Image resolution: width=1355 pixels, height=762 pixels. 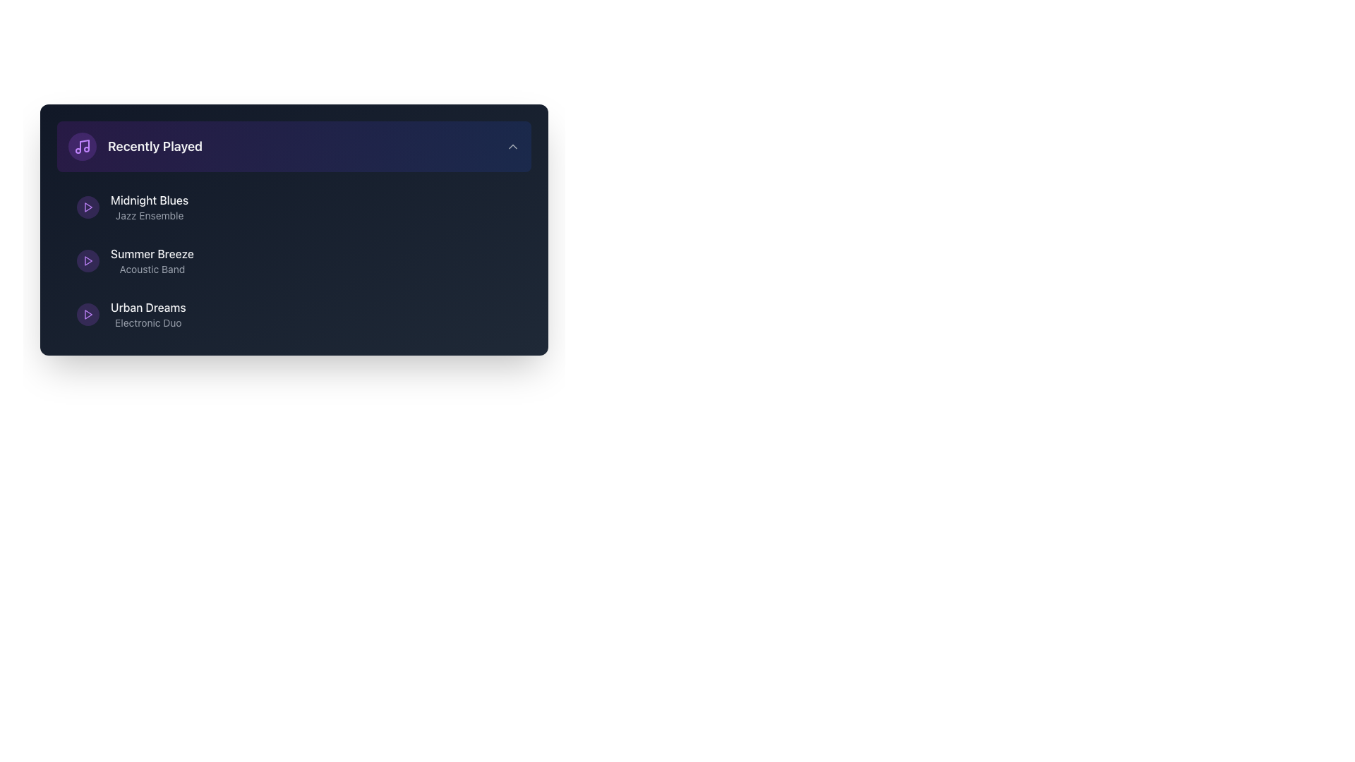 I want to click on the shuffle icon located within the circular button at the bottom-right of the 'Recently Played' section, so click(x=442, y=314).